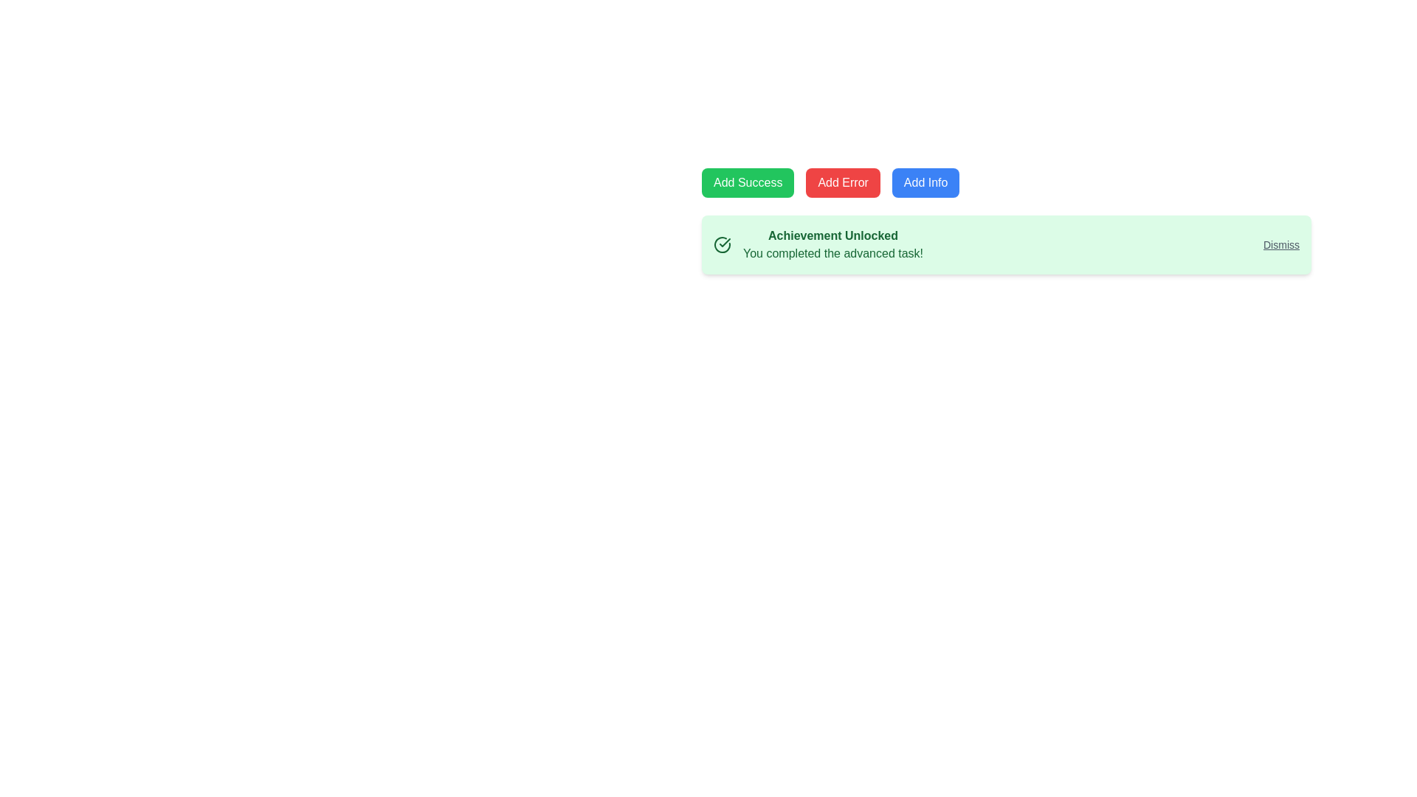  What do you see at coordinates (748, 182) in the screenshot?
I see `the first button in a horizontal row to test its functionality, which triggers a successful action or displays a success message` at bounding box center [748, 182].